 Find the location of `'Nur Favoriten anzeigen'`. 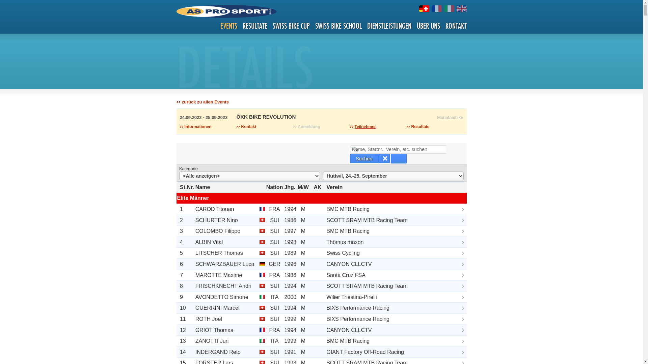

'Nur Favoriten anzeigen' is located at coordinates (399, 158).